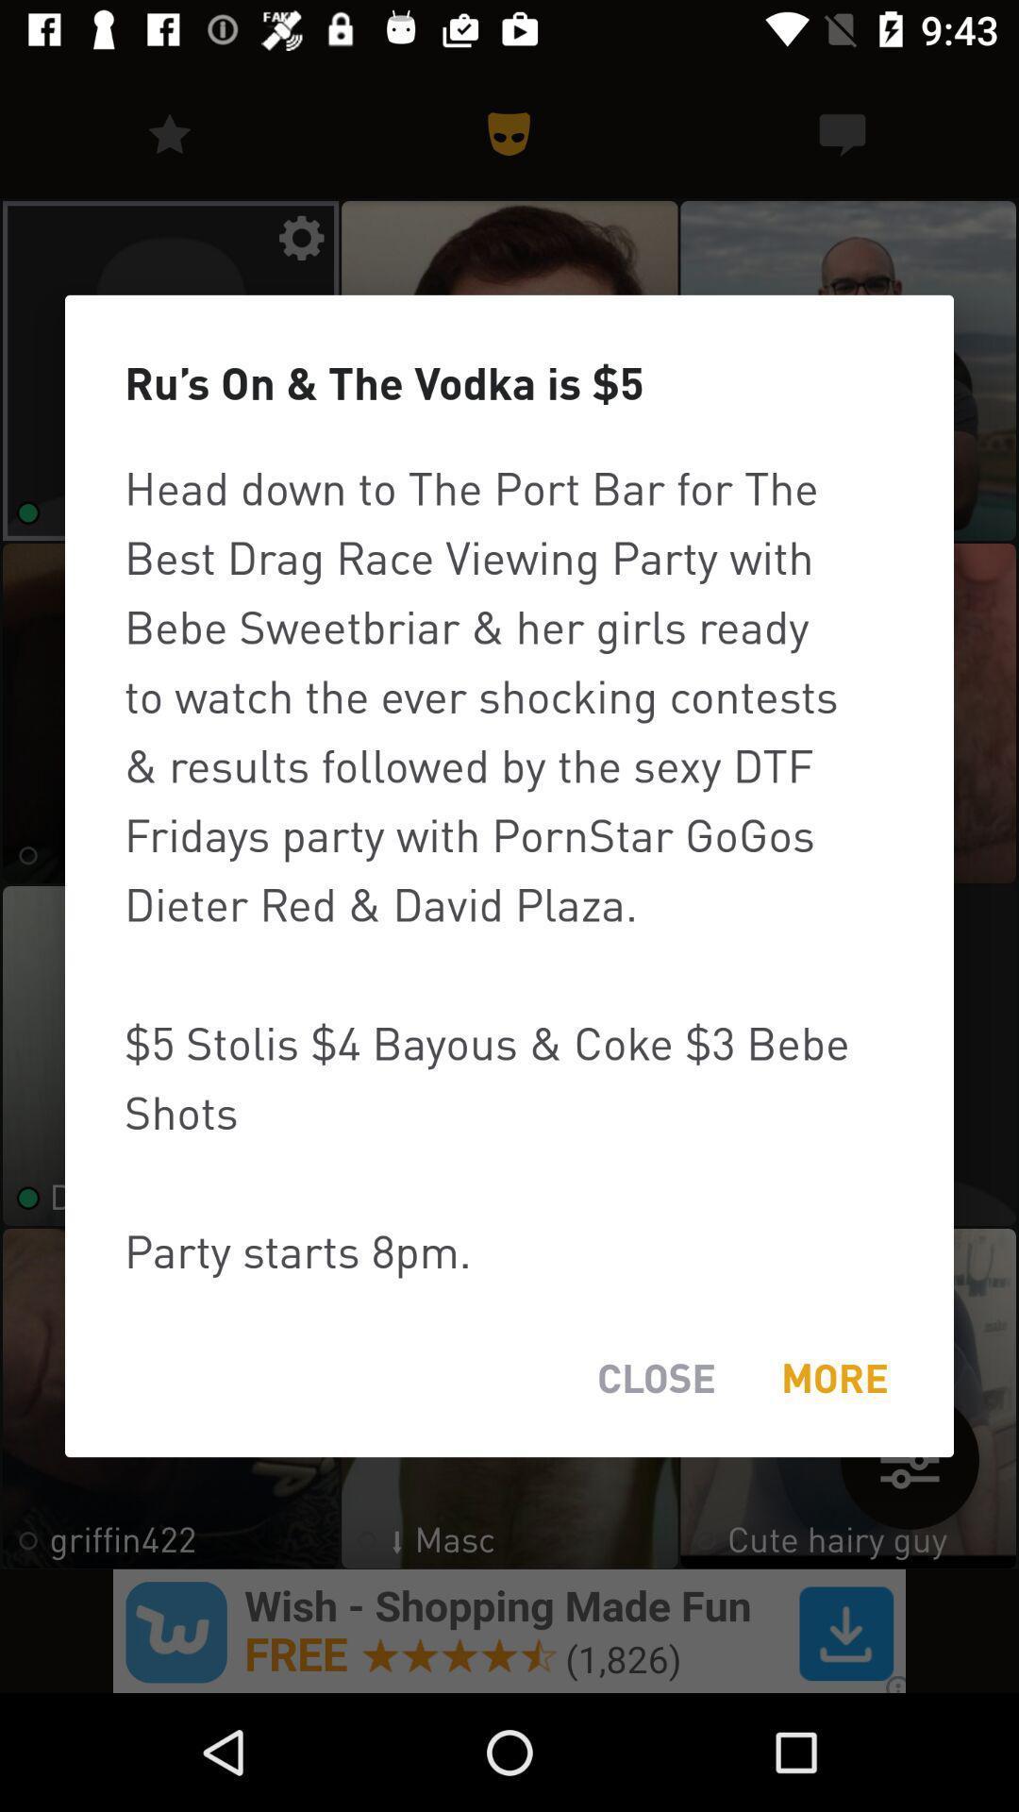 This screenshot has height=1812, width=1019. Describe the element at coordinates (655, 1378) in the screenshot. I see `the icon next to the more` at that location.